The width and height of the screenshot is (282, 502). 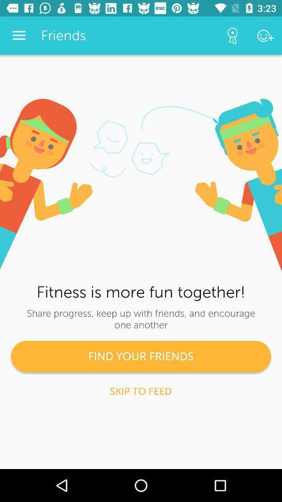 I want to click on the skip to feed icon, so click(x=140, y=391).